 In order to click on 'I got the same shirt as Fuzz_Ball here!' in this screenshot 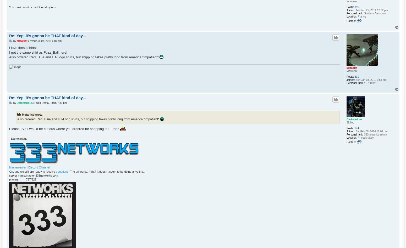, I will do `click(38, 52)`.